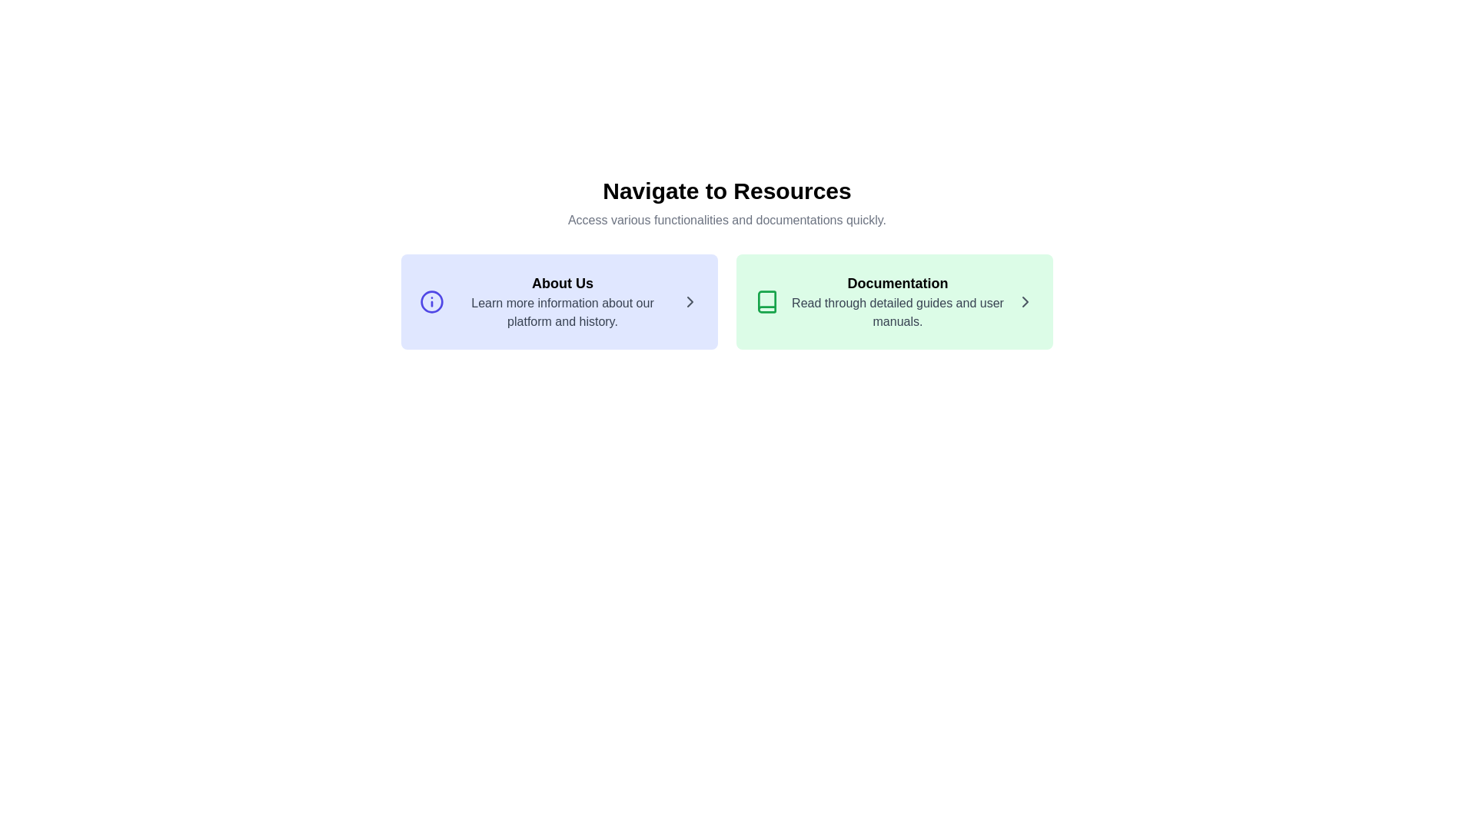 The height and width of the screenshot is (830, 1476). I want to click on the text block that provides a brief description about the 'About Us' section, which is located below the 'About Us' heading within a blue card, so click(561, 312).